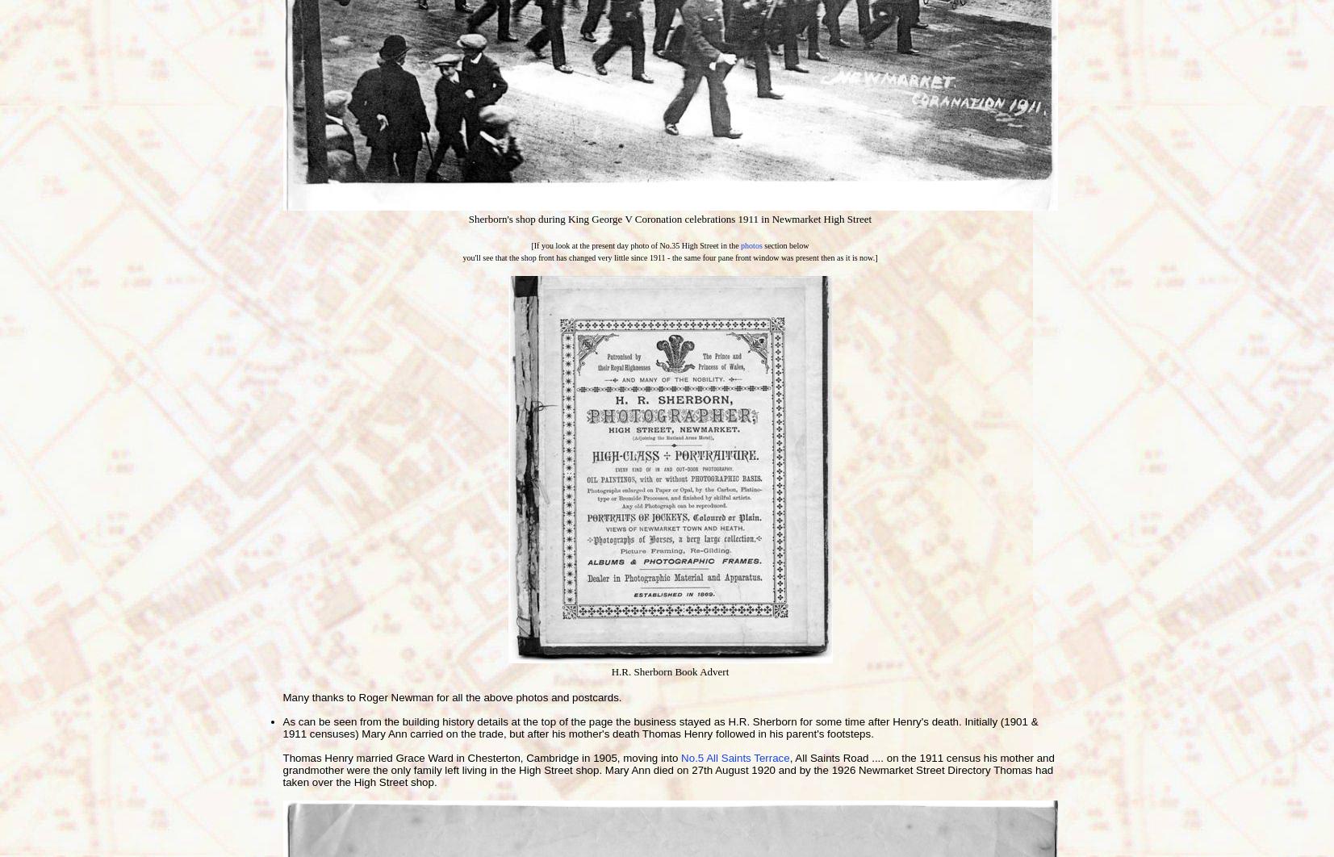 The width and height of the screenshot is (1334, 857). I want to click on 'section below', so click(784, 245).